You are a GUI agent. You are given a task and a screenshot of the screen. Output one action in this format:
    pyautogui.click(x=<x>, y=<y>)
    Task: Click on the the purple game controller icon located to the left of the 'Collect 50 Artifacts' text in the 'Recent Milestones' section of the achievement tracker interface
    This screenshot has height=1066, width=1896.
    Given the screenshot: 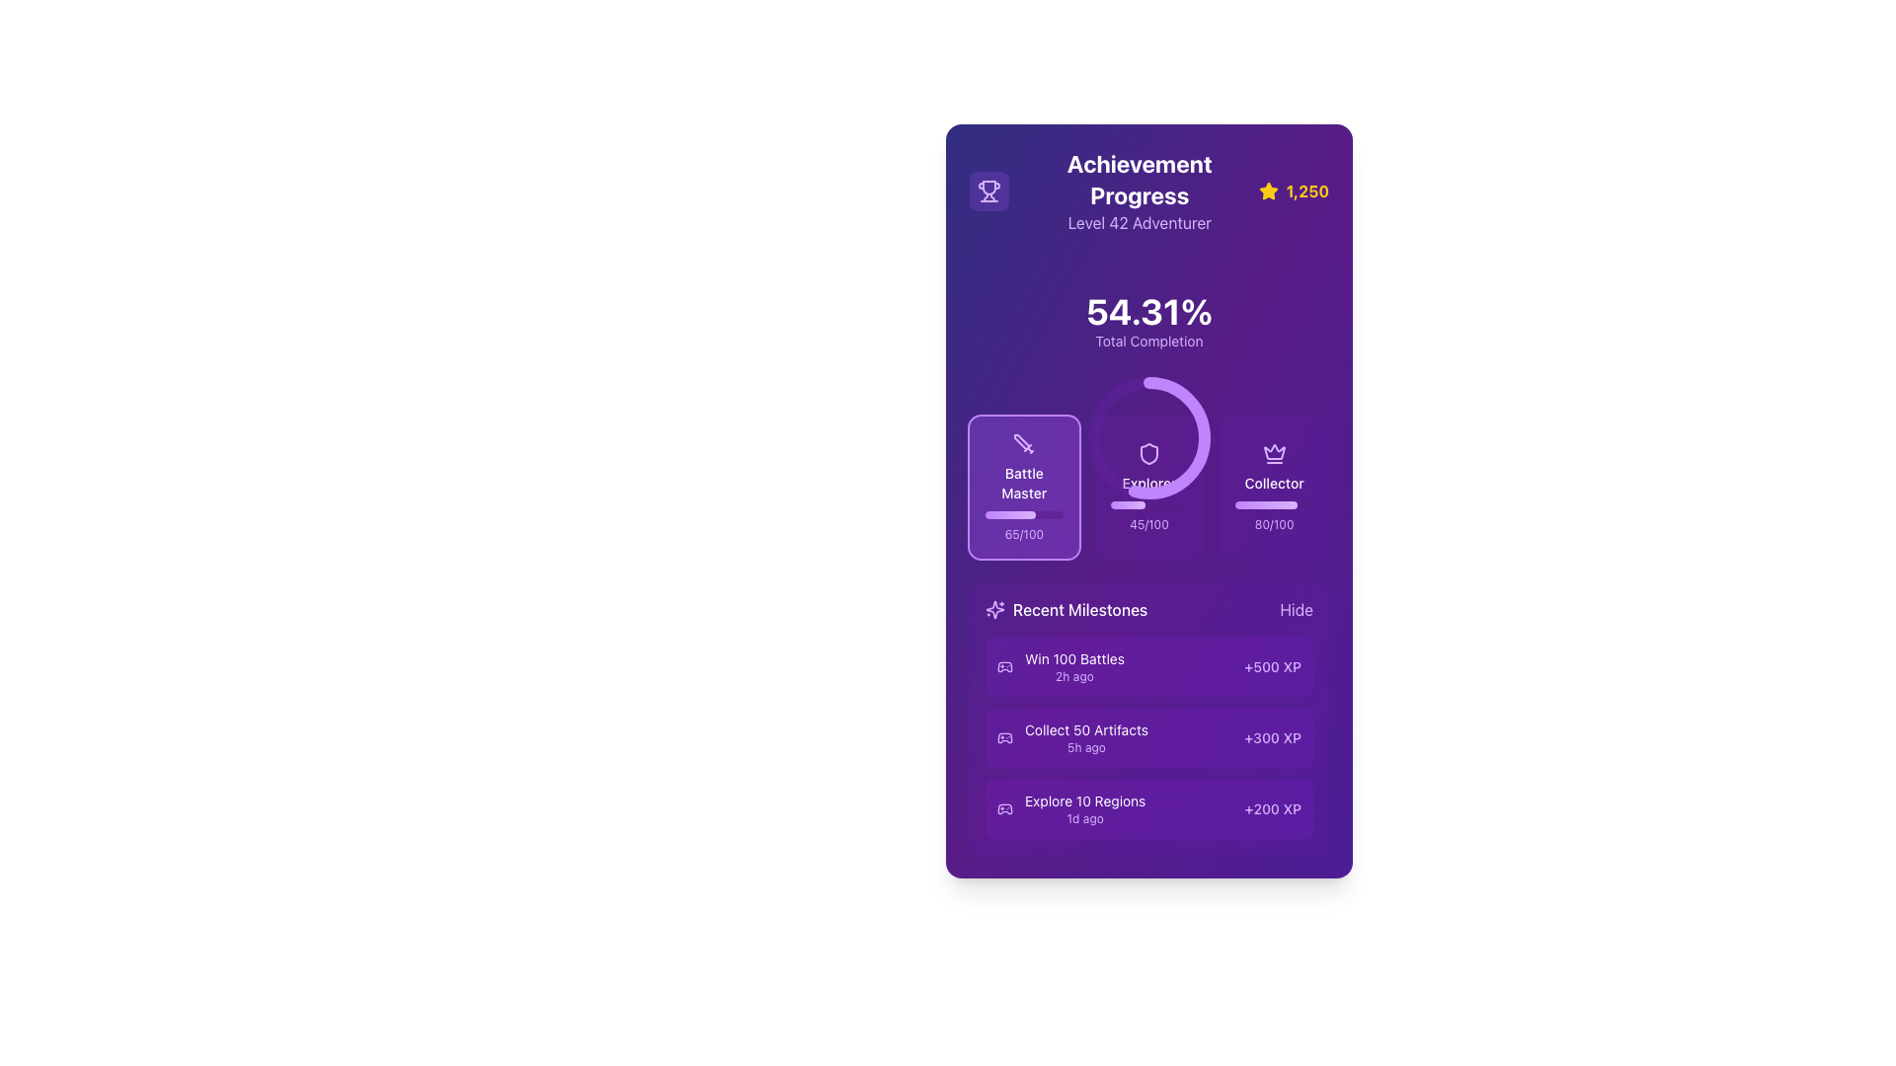 What is the action you would take?
    pyautogui.click(x=1004, y=738)
    